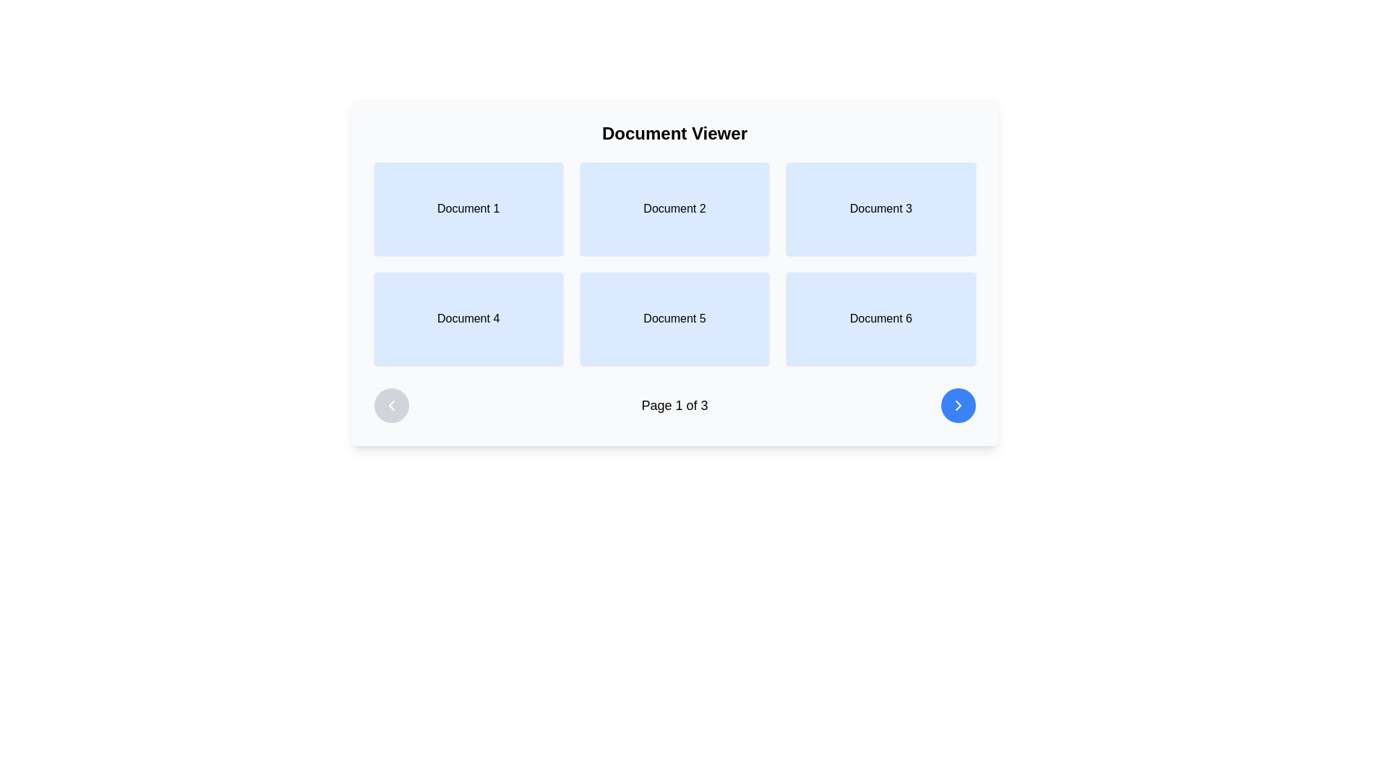 This screenshot has height=781, width=1388. I want to click on the non-interactive label representing 'Document 6' in the document viewer interface, located in the third column of the second row of a grid layout, so click(880, 317).